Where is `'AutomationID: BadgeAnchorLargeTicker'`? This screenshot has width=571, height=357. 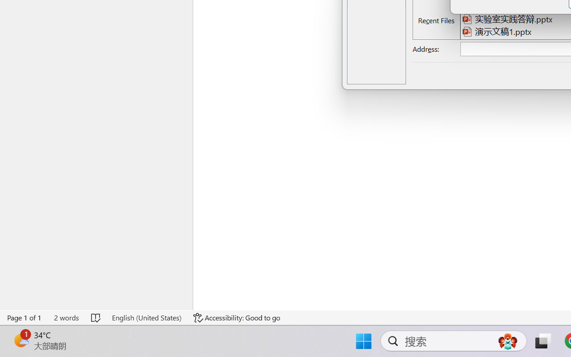 'AutomationID: BadgeAnchorLargeTicker' is located at coordinates (21, 340).